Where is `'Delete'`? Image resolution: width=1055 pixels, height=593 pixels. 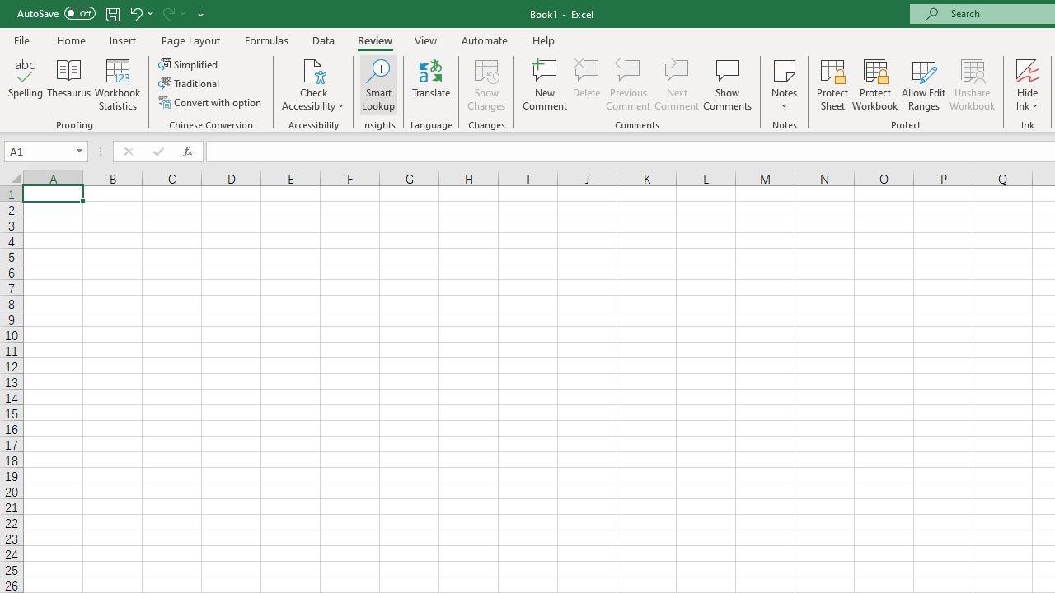 'Delete' is located at coordinates (587, 85).